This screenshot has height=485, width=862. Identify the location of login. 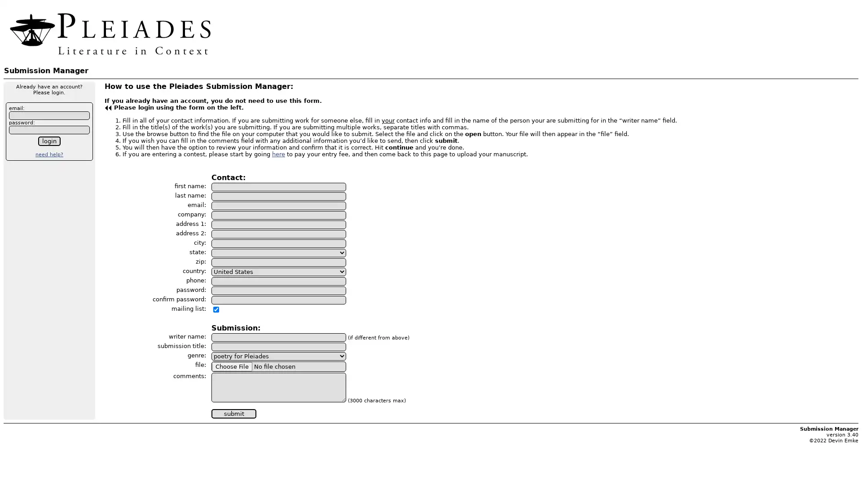
(49, 141).